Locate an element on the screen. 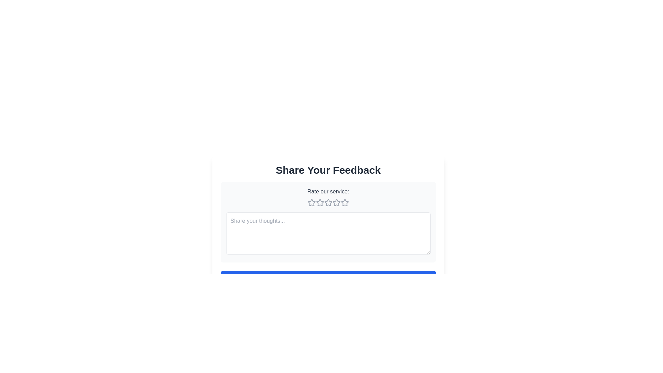 The image size is (663, 373). the first star icon in the rating system, located under the 'Rate our service:' header, which signifies one star is located at coordinates (319, 202).